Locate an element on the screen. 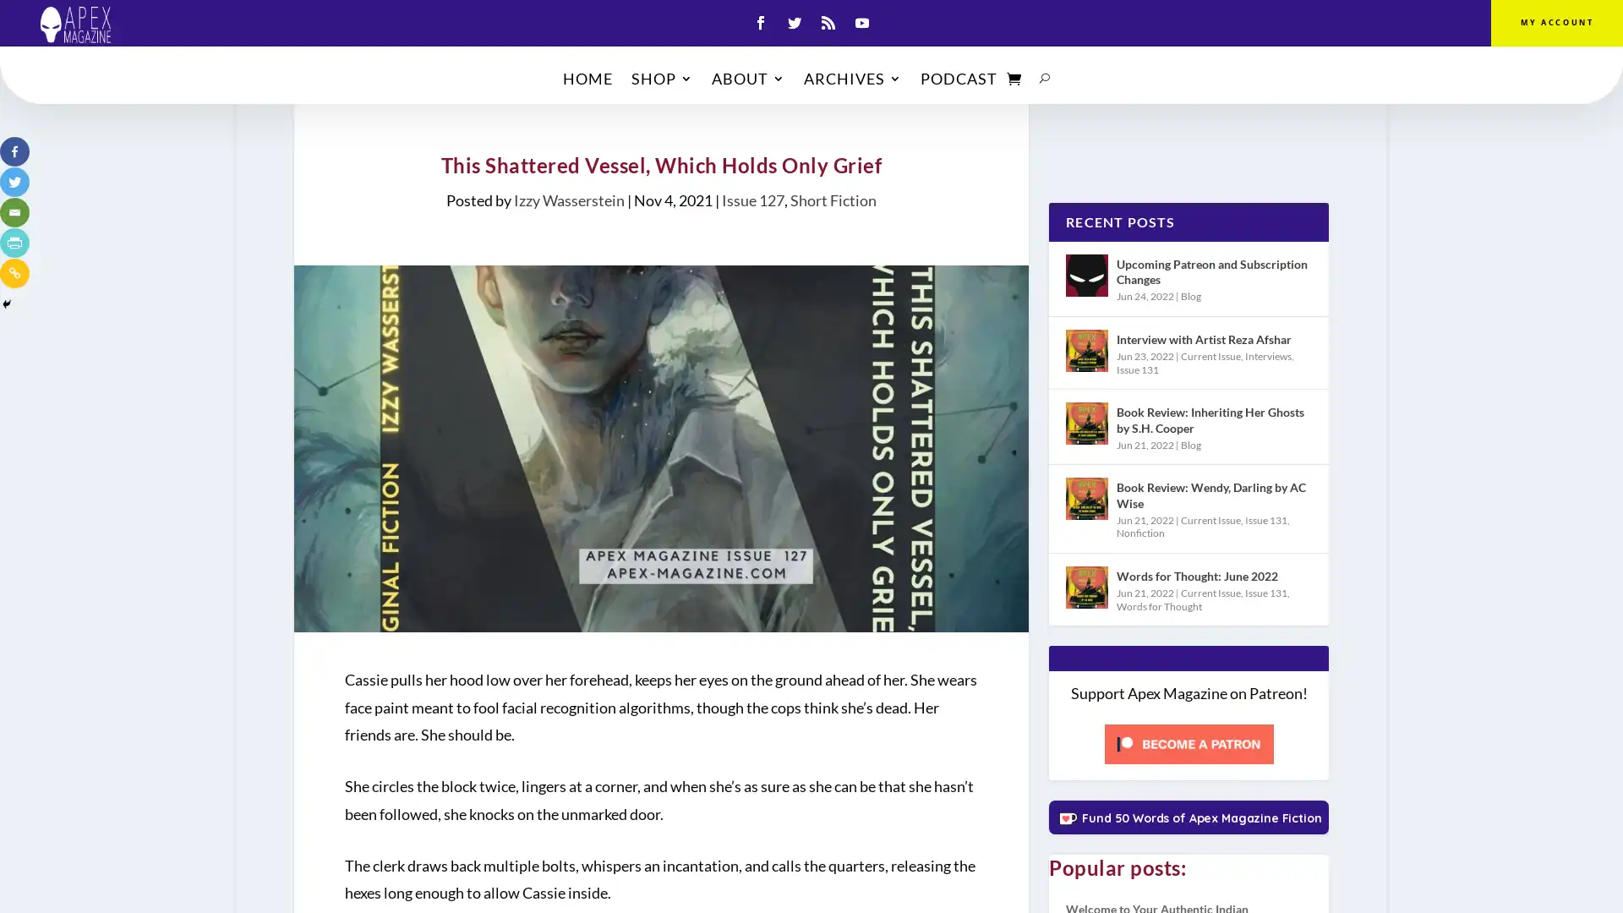  Subscribe Now is located at coordinates (811, 521).